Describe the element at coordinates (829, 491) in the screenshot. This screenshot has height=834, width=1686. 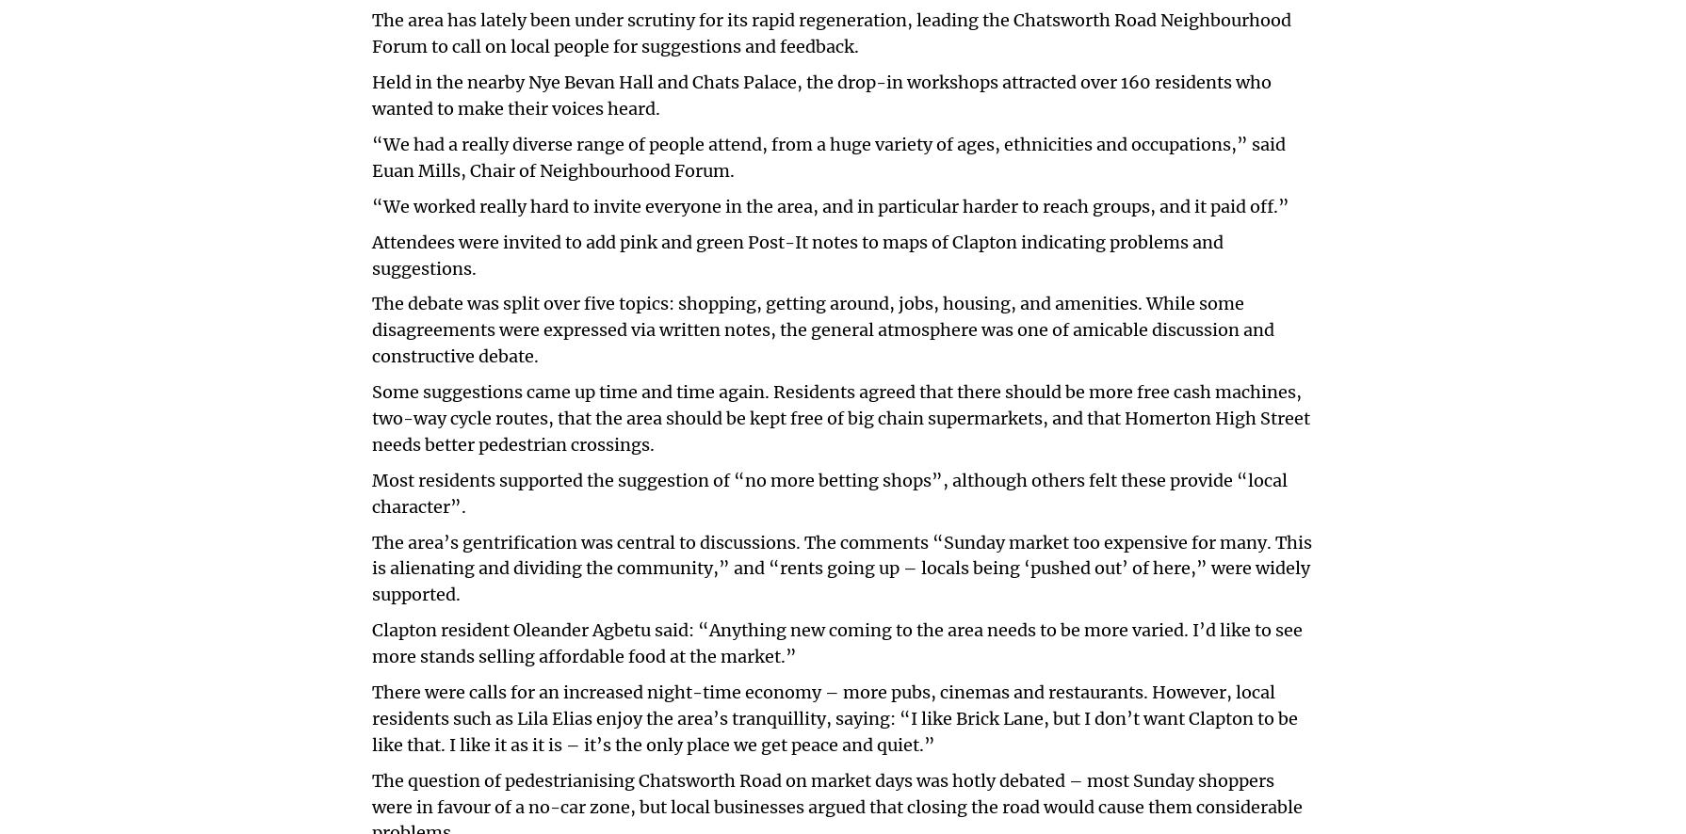
I see `'Most residents supported the suggestion of “no more betting shops”, although others felt these provide “local character”.'` at that location.